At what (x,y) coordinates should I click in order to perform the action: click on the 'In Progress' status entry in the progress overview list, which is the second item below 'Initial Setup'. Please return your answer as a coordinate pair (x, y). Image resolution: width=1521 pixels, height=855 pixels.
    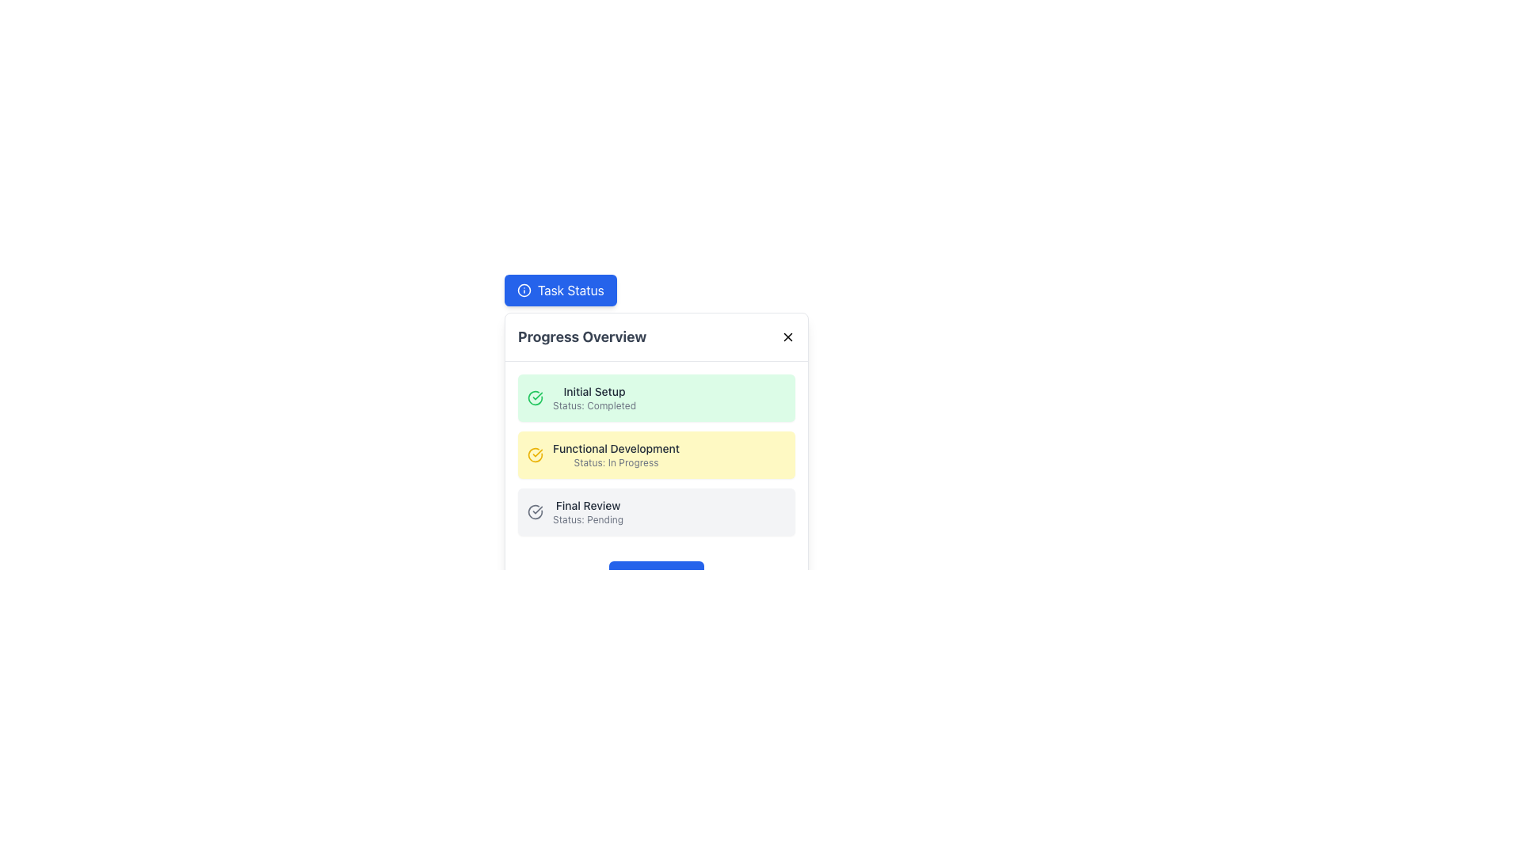
    Looking at the image, I should click on (657, 454).